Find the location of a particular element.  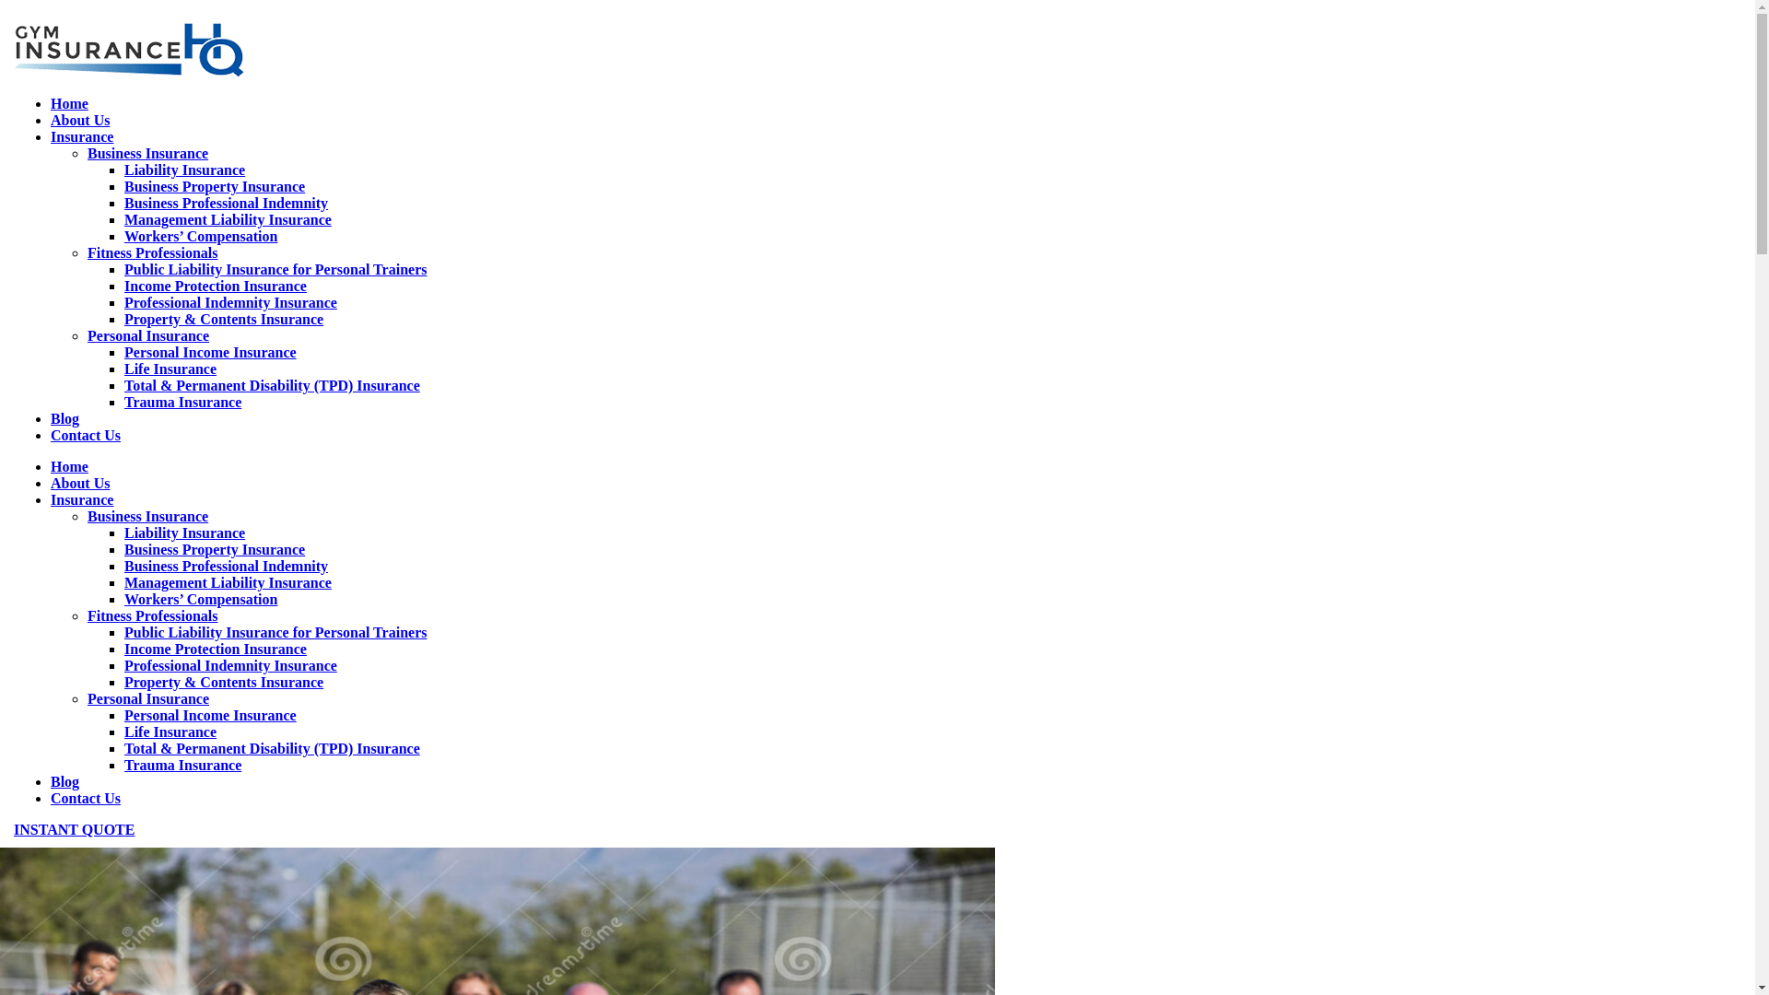

'Personal Insurance' is located at coordinates (87, 698).